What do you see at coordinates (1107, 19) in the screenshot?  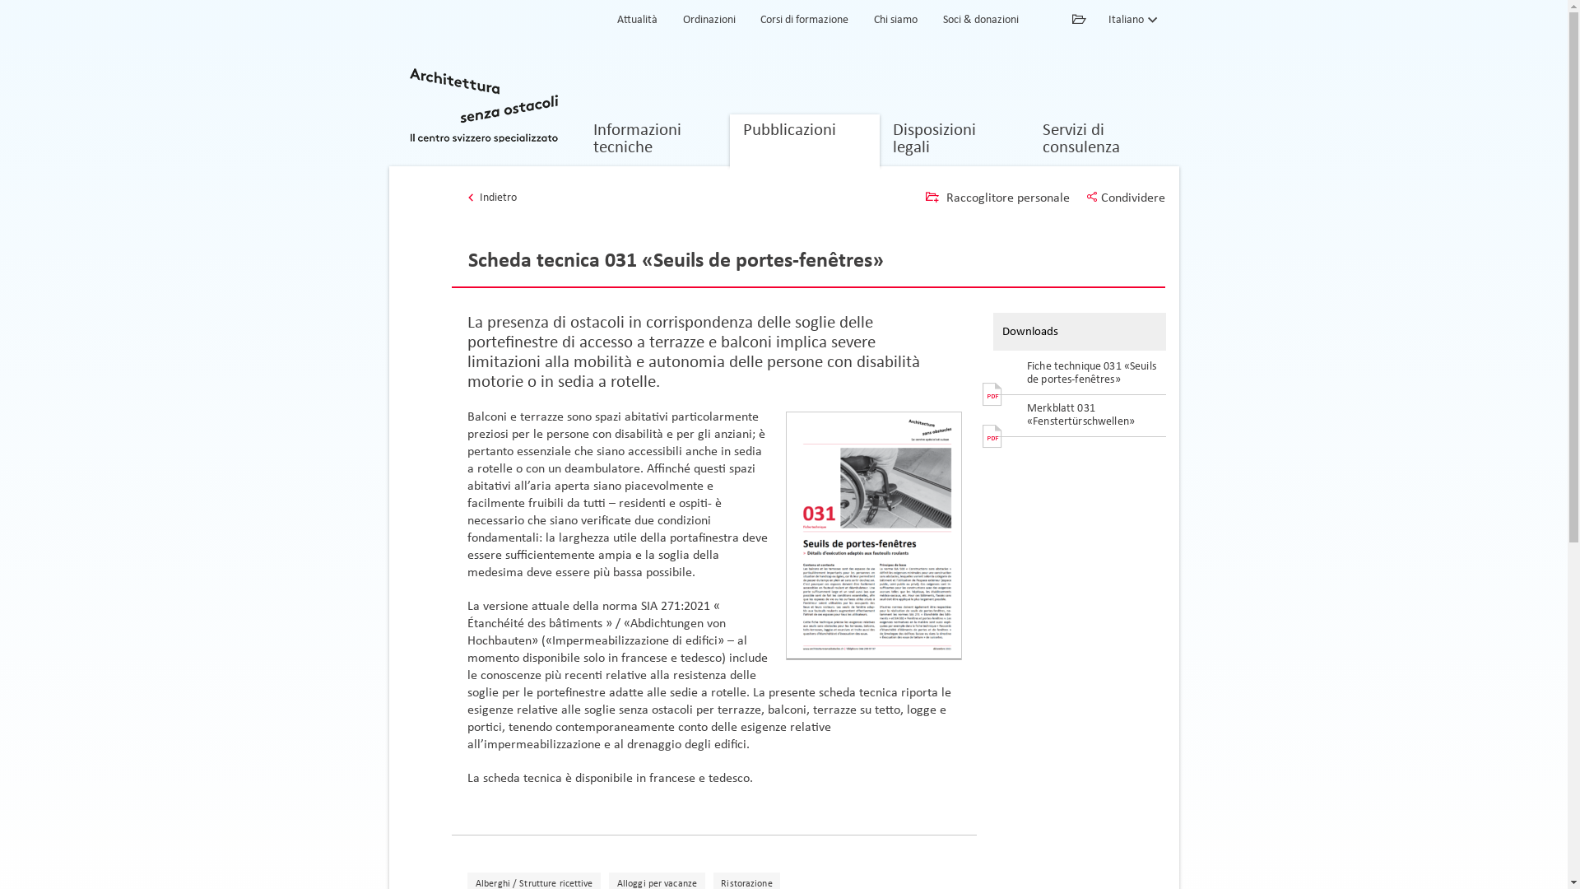 I see `'Italiano'` at bounding box center [1107, 19].